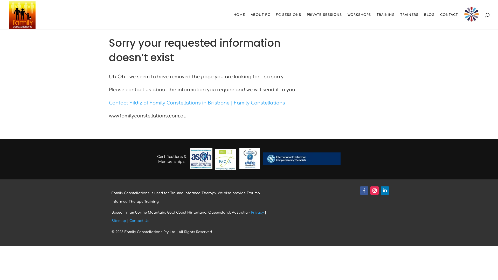 The height and width of the screenshot is (280, 498). What do you see at coordinates (239, 21) in the screenshot?
I see `'HOME'` at bounding box center [239, 21].